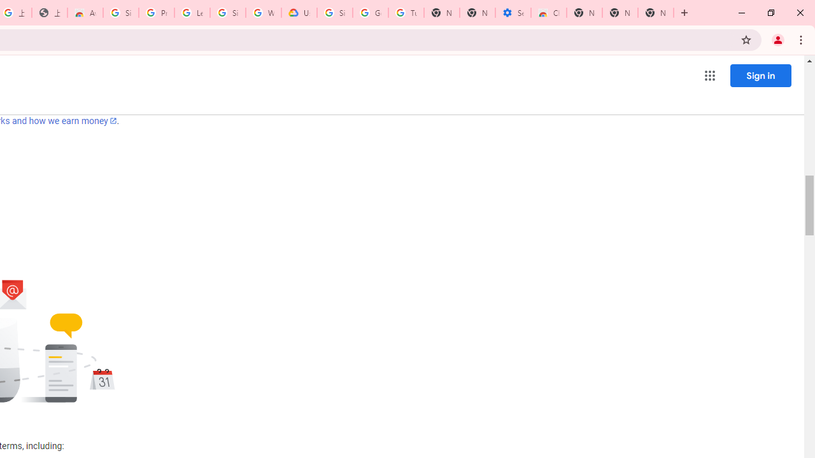 The height and width of the screenshot is (458, 815). I want to click on 'Bookmark this tab', so click(746, 39).